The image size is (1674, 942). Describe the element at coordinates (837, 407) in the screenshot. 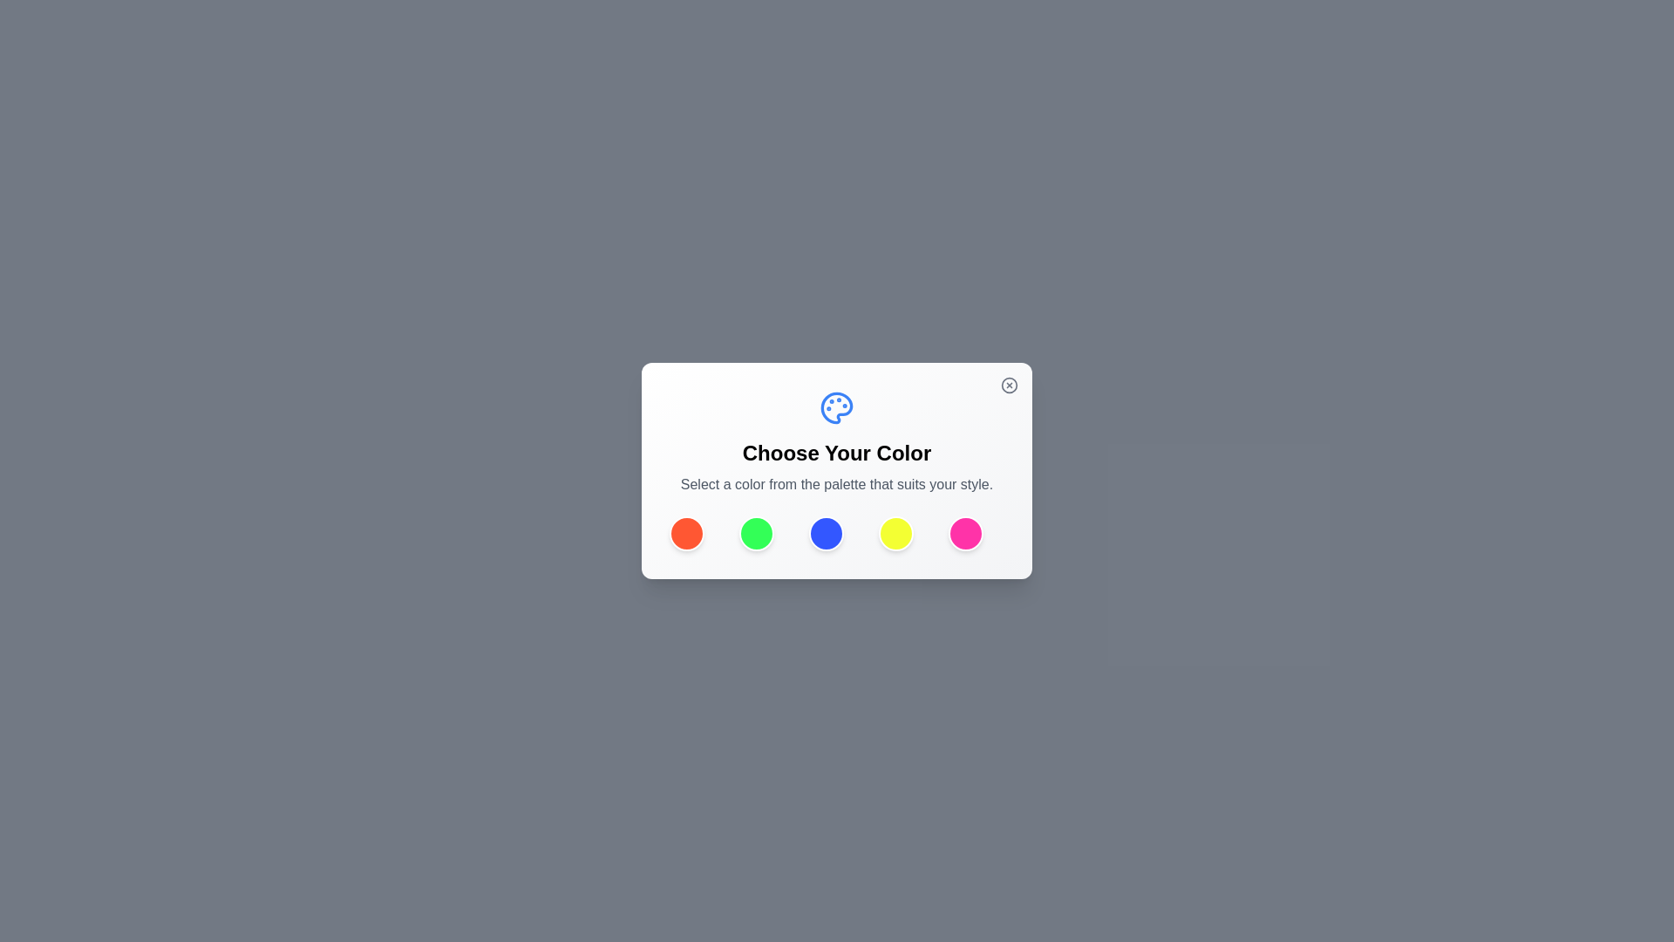

I see `the icon element to observe its aesthetic details` at that location.